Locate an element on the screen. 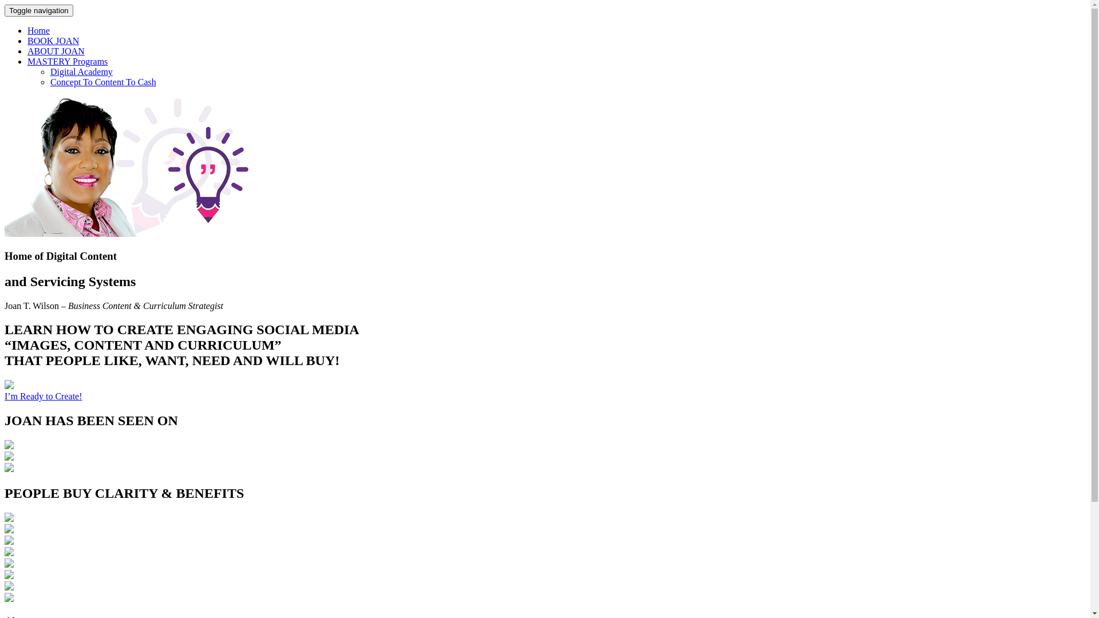  'Toggle navigation' is located at coordinates (5, 10).